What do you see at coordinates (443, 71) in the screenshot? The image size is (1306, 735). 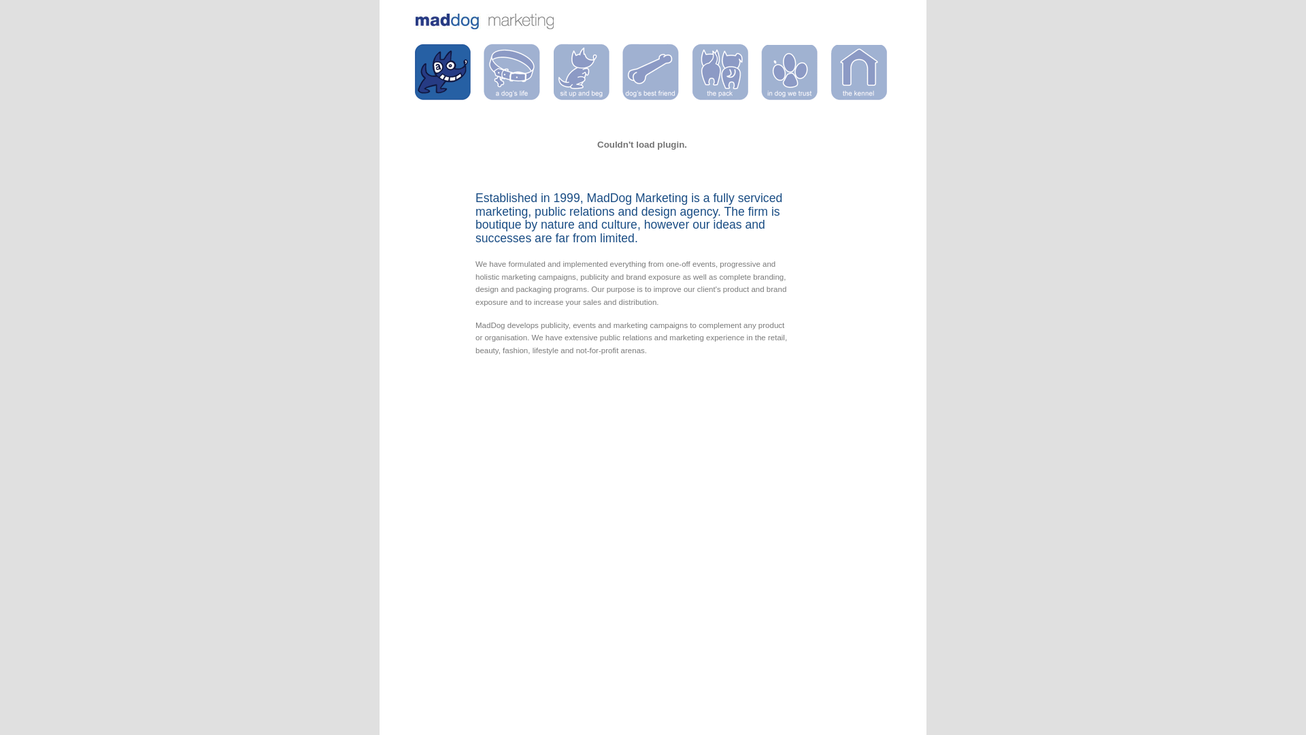 I see `' '` at bounding box center [443, 71].